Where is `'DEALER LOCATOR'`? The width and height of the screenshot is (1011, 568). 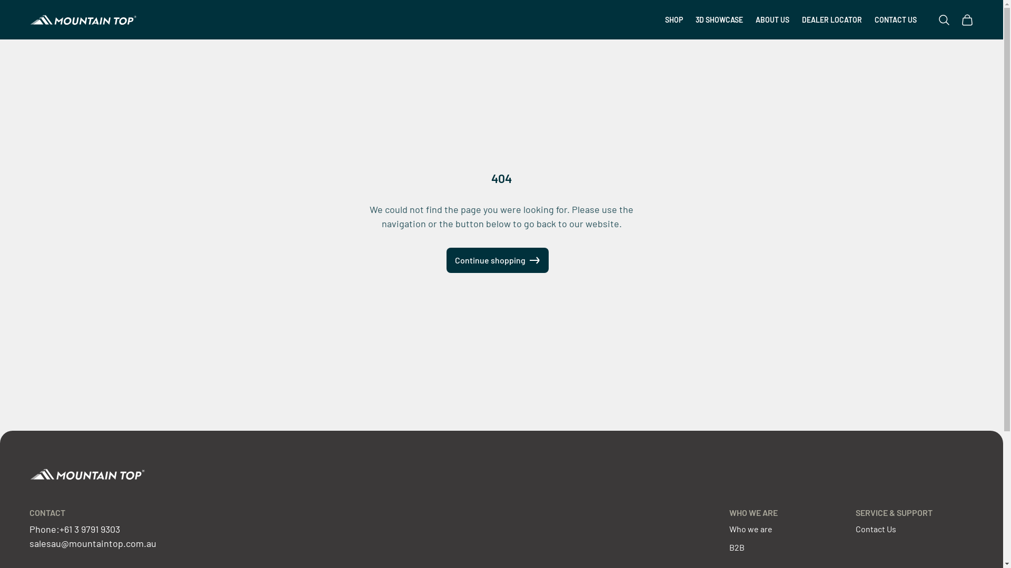 'DEALER LOCATOR' is located at coordinates (831, 20).